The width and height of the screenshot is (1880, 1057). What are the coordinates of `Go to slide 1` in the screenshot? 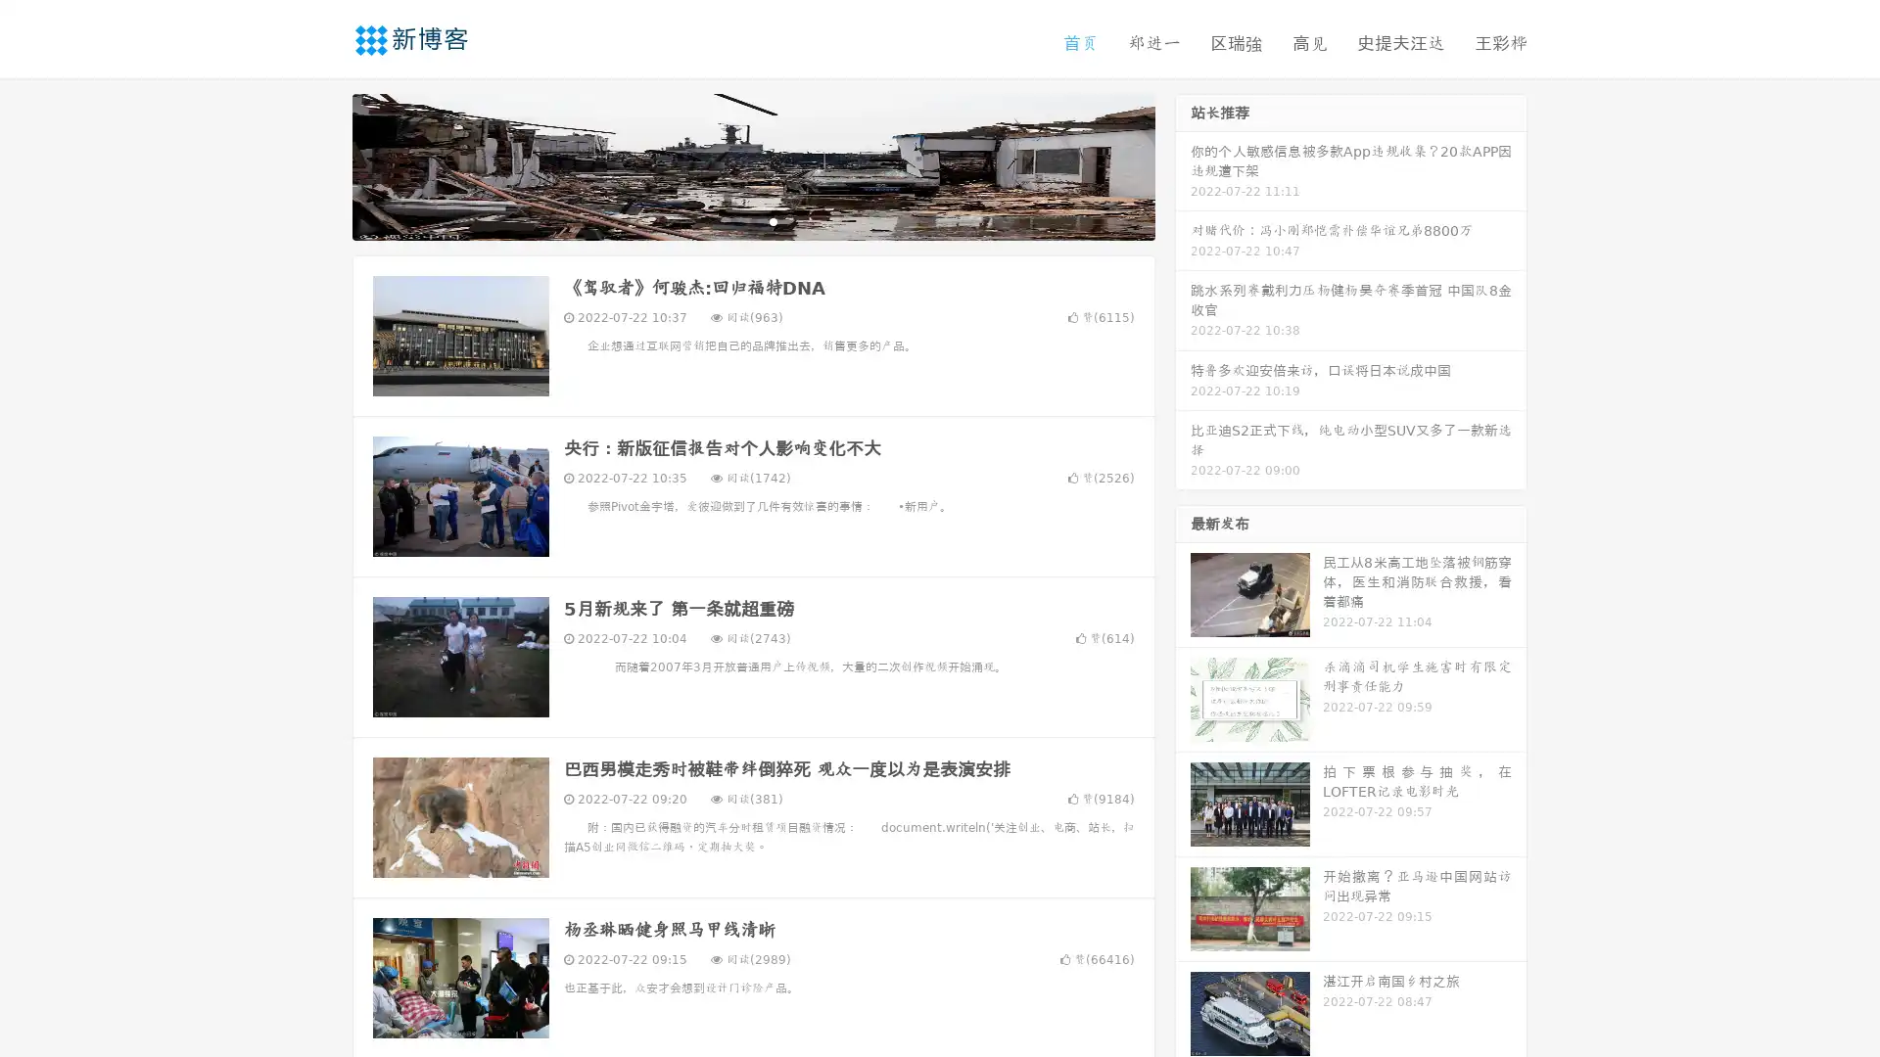 It's located at (732, 220).